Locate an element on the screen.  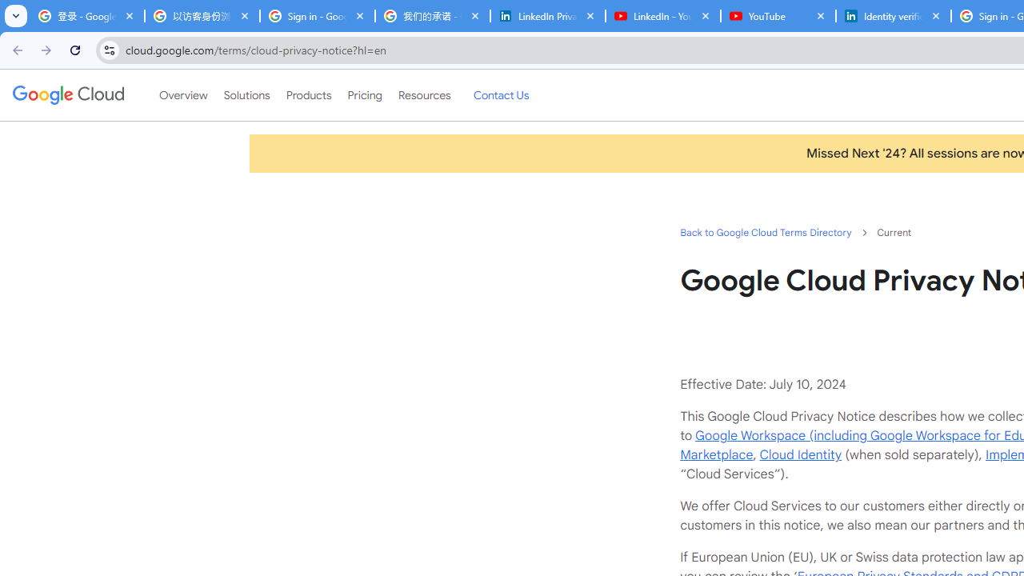
'Back to Google Cloud Terms Directory' is located at coordinates (765, 232).